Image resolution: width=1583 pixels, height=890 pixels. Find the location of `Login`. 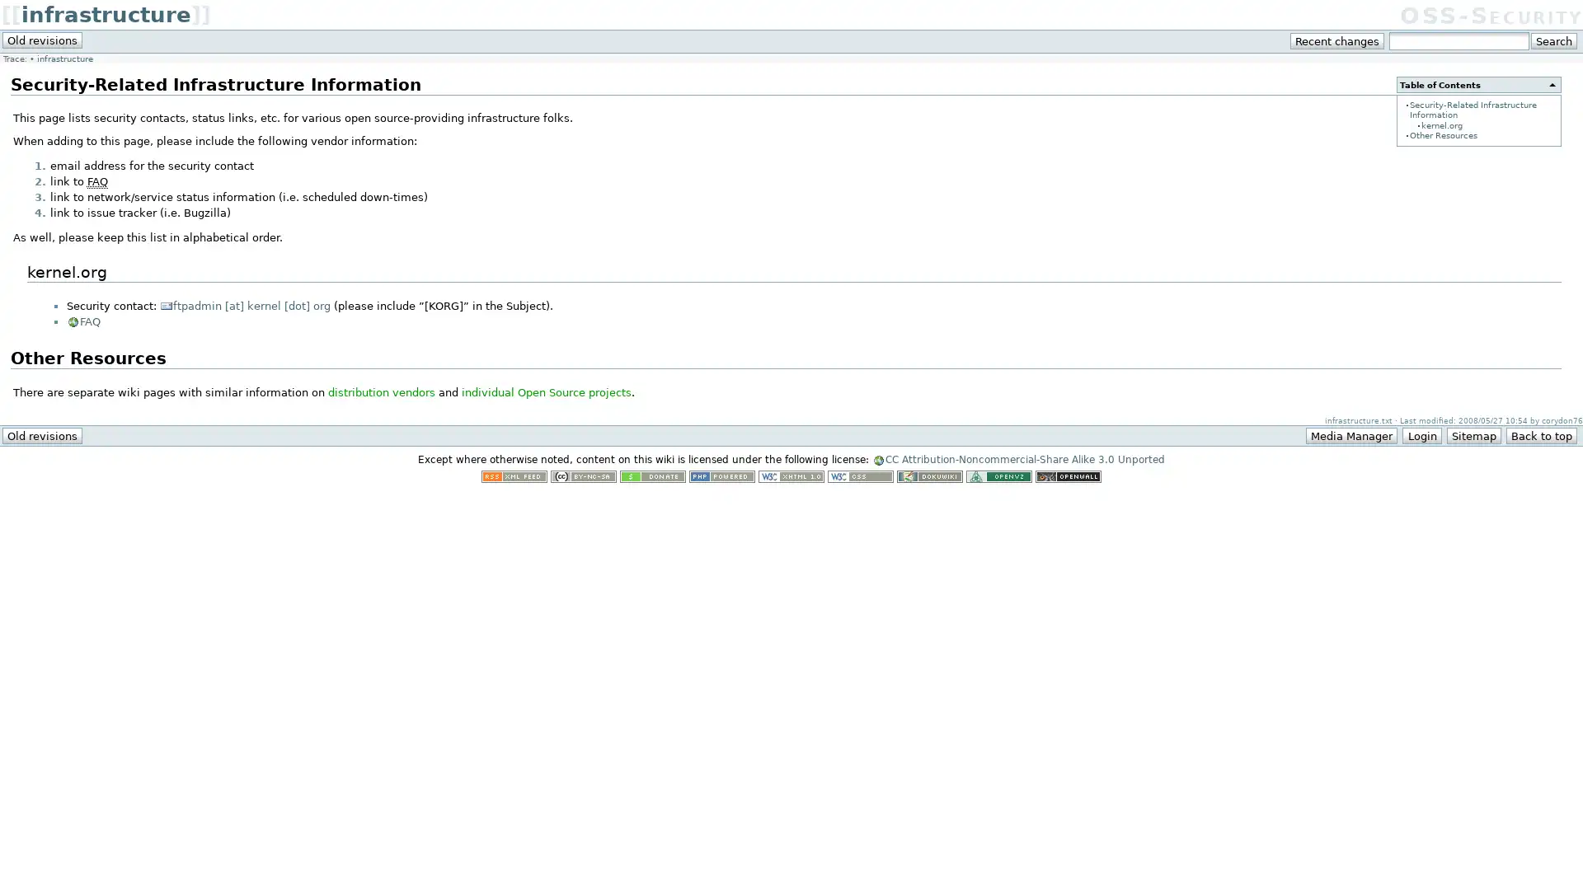

Login is located at coordinates (1421, 434).